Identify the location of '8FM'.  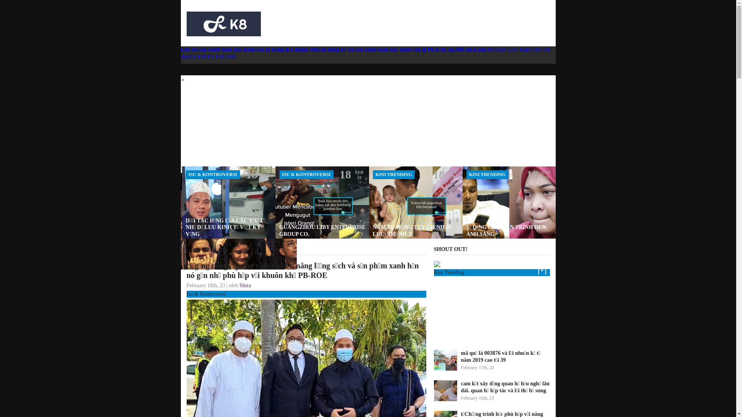
(230, 56).